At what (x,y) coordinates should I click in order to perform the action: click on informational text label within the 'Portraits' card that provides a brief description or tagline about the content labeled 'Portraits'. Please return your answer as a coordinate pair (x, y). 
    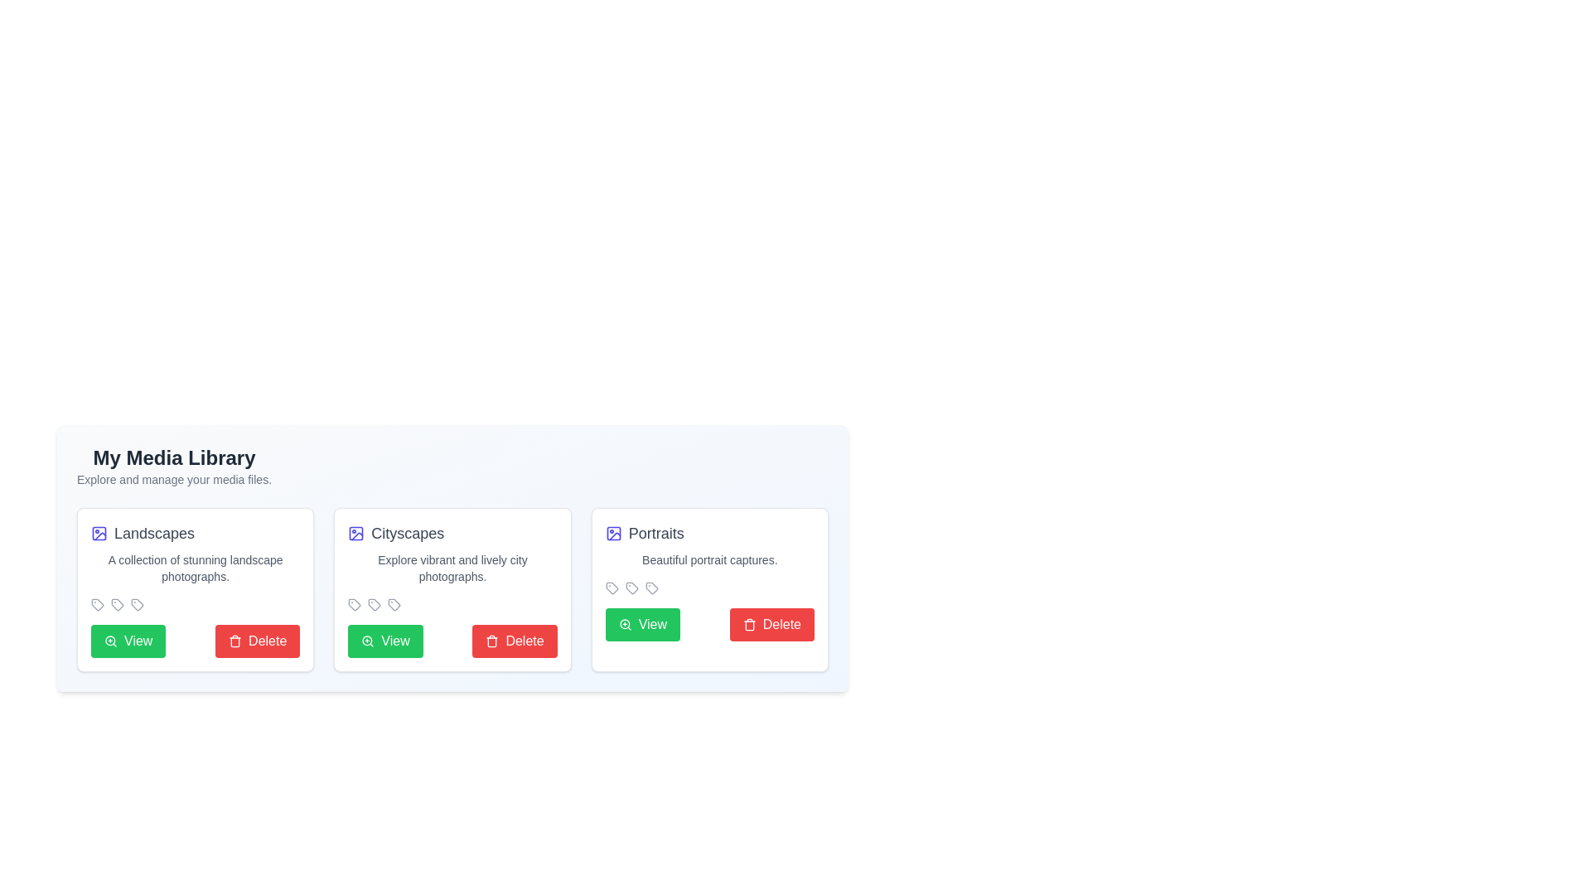
    Looking at the image, I should click on (709, 559).